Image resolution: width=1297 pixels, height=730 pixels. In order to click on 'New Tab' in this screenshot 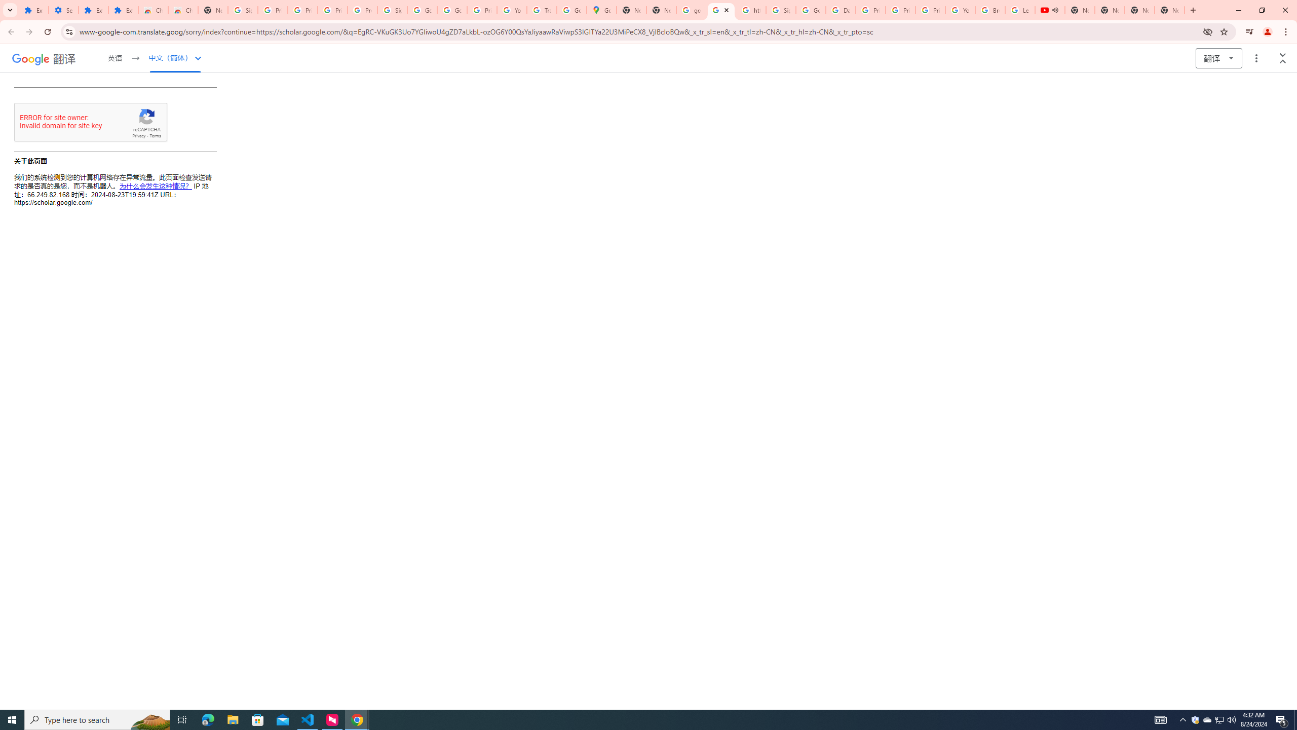, I will do `click(1169, 10)`.